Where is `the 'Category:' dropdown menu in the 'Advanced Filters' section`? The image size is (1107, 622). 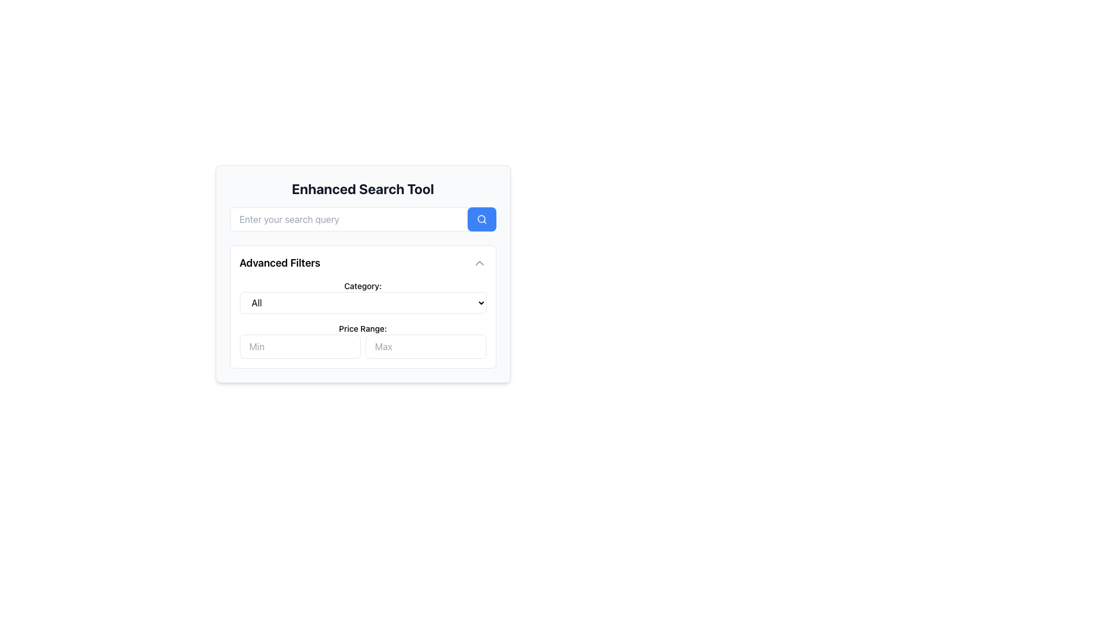 the 'Category:' dropdown menu in the 'Advanced Filters' section is located at coordinates (362, 297).